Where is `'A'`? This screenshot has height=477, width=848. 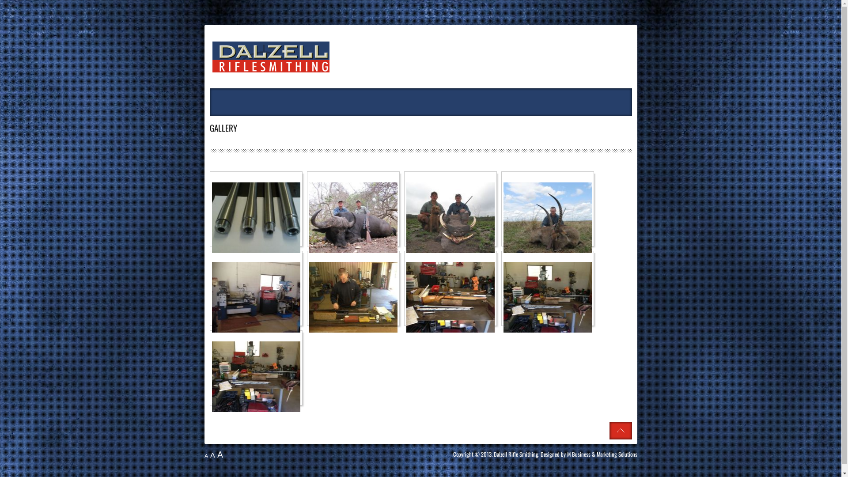 'A' is located at coordinates (220, 454).